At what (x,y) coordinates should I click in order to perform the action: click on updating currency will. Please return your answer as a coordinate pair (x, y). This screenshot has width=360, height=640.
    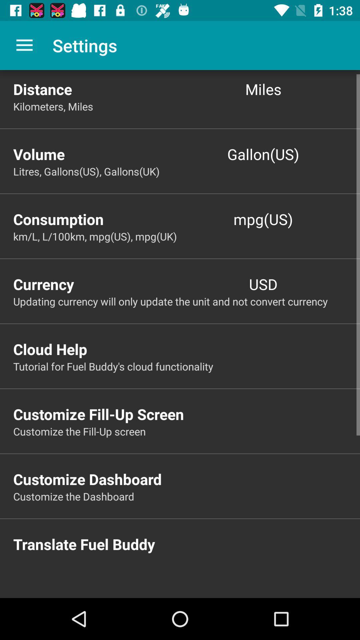
    Looking at the image, I should click on (186, 301).